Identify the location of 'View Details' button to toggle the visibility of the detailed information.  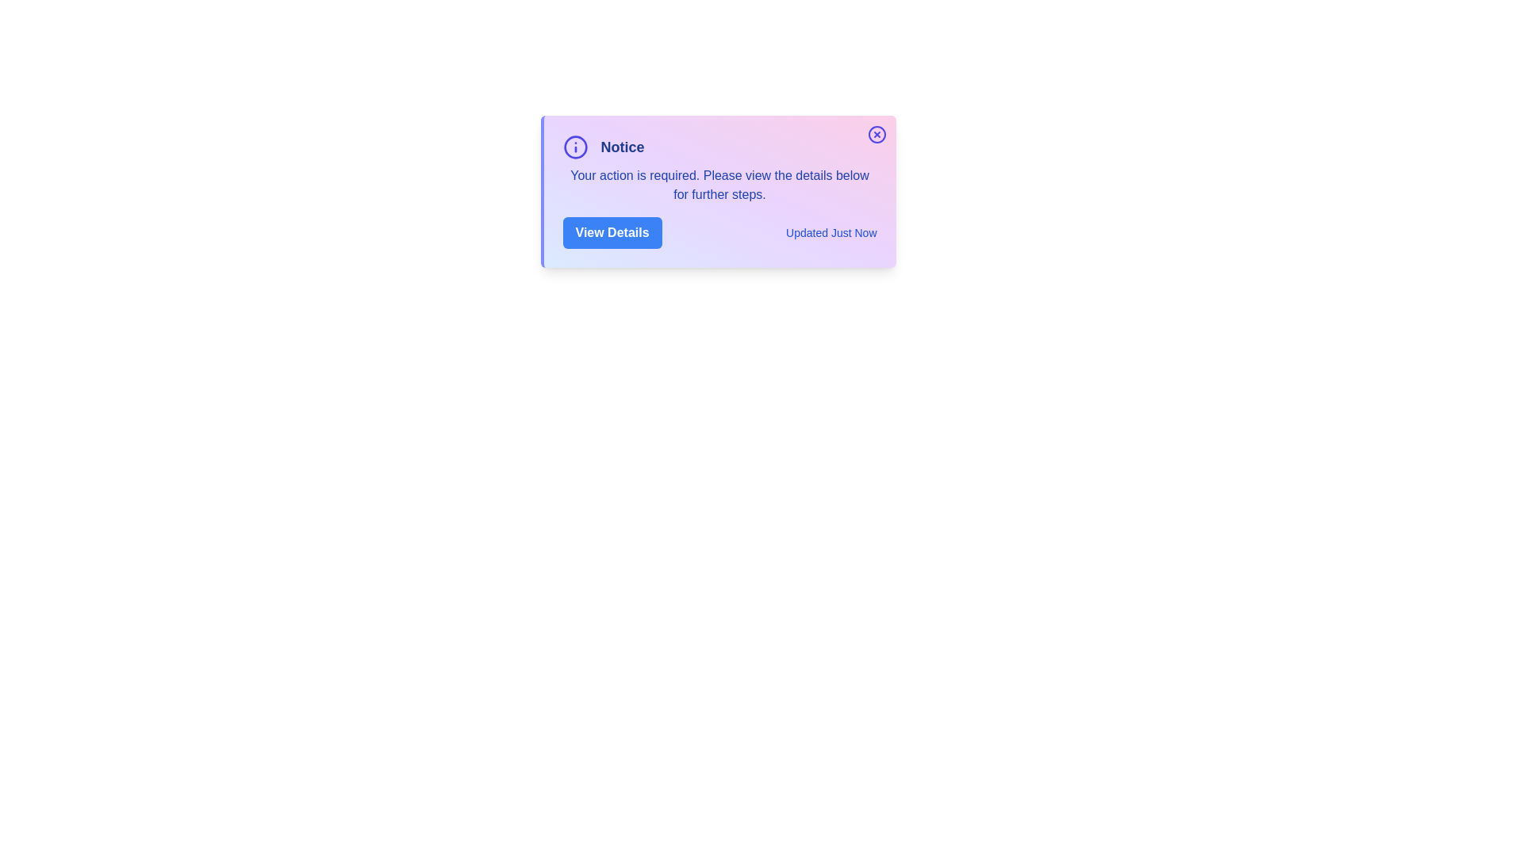
(612, 232).